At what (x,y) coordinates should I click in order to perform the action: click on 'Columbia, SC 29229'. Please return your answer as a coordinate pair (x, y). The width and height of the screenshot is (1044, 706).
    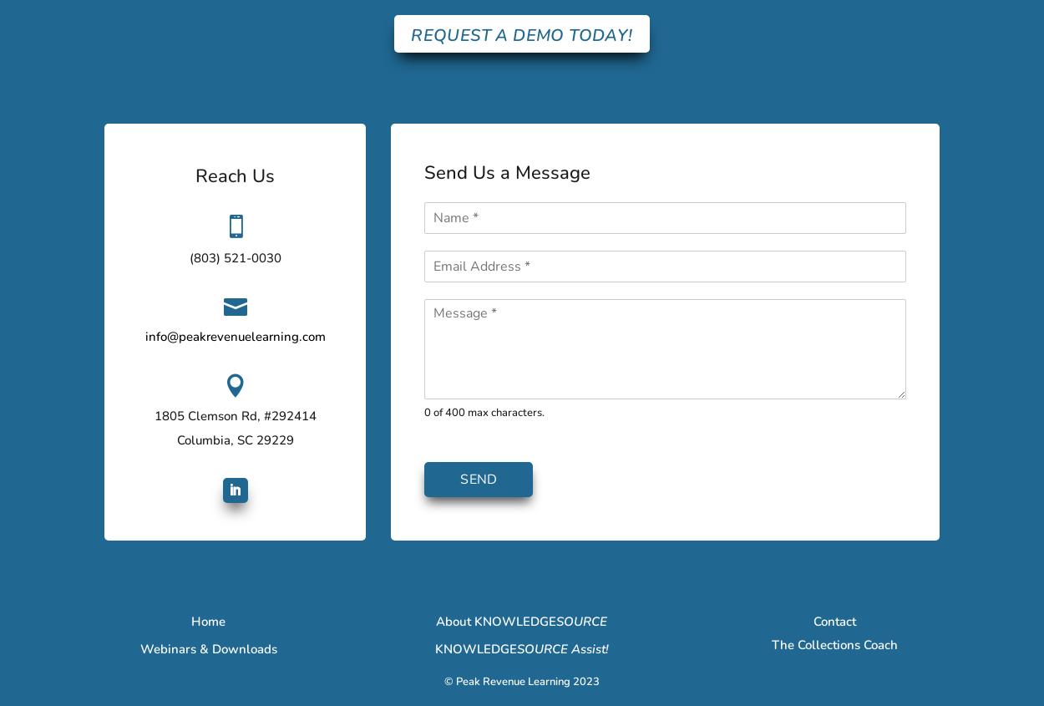
    Looking at the image, I should click on (235, 439).